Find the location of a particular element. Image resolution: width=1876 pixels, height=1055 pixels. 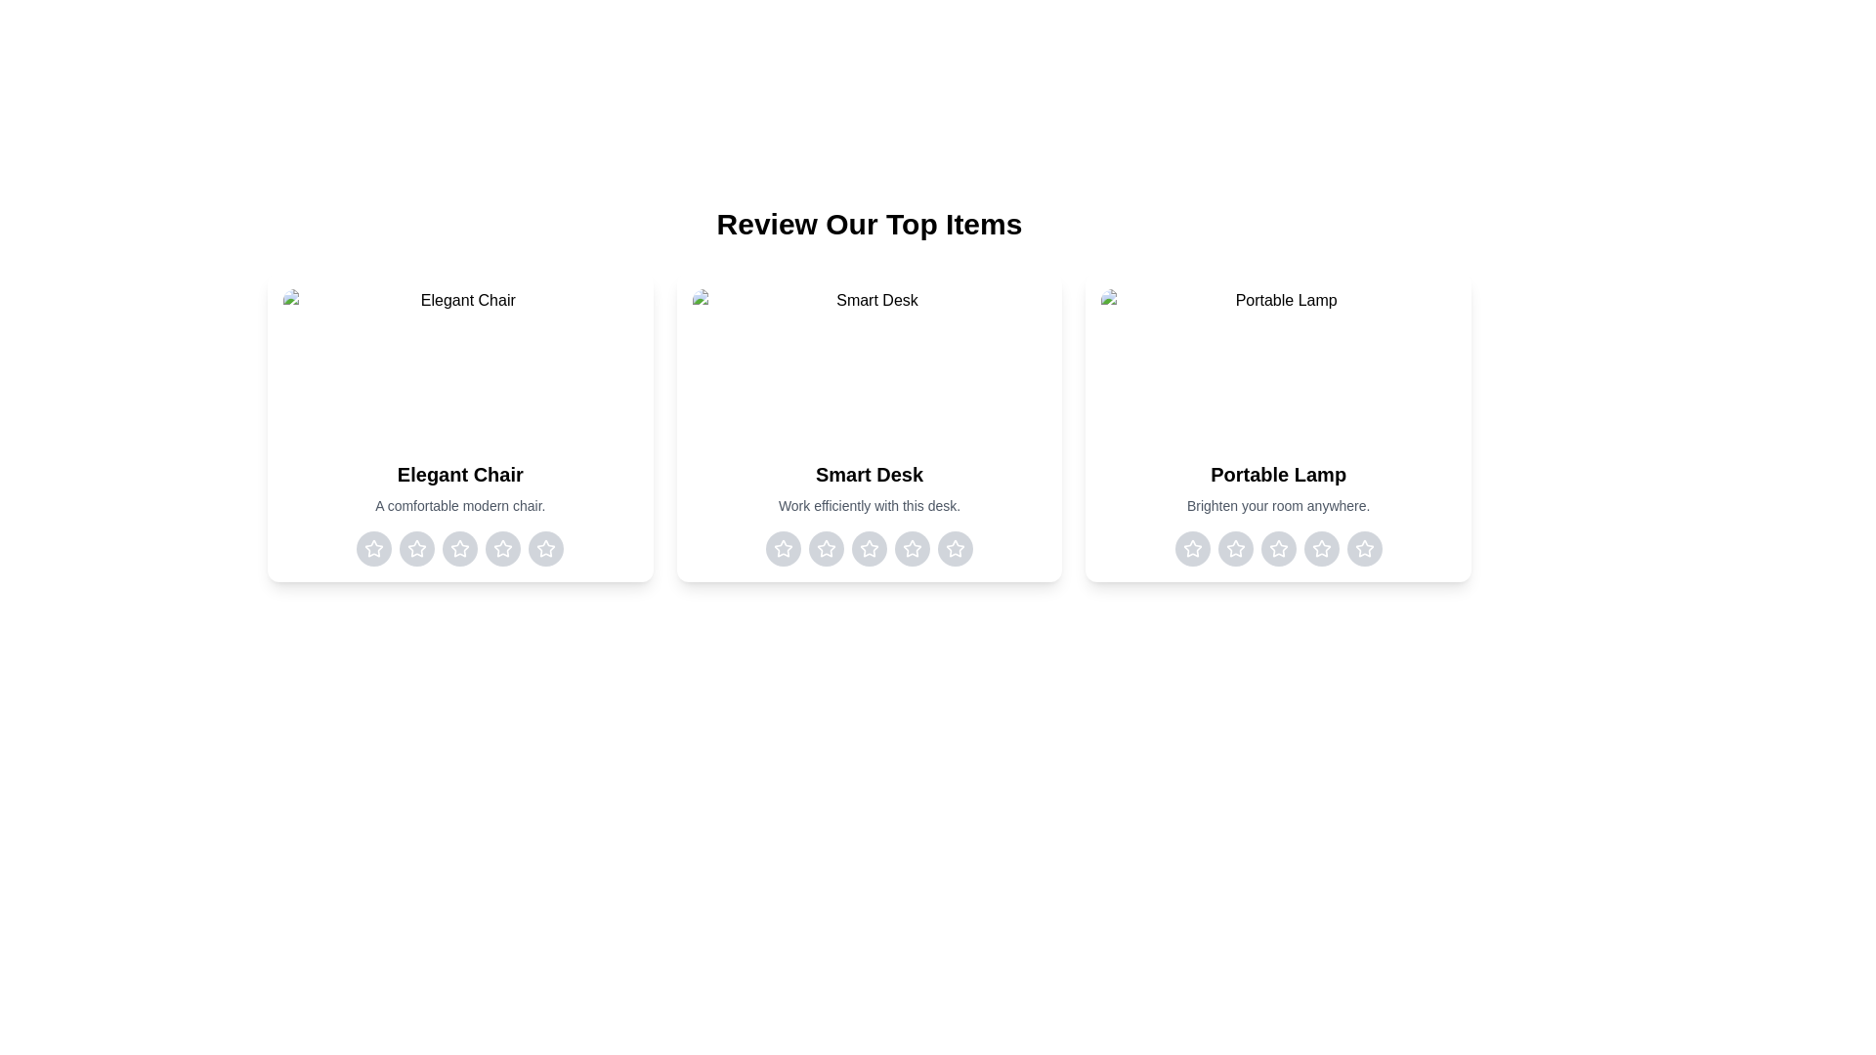

the rating for the item 'Elegant Chair' to 3 stars is located at coordinates (458, 549).